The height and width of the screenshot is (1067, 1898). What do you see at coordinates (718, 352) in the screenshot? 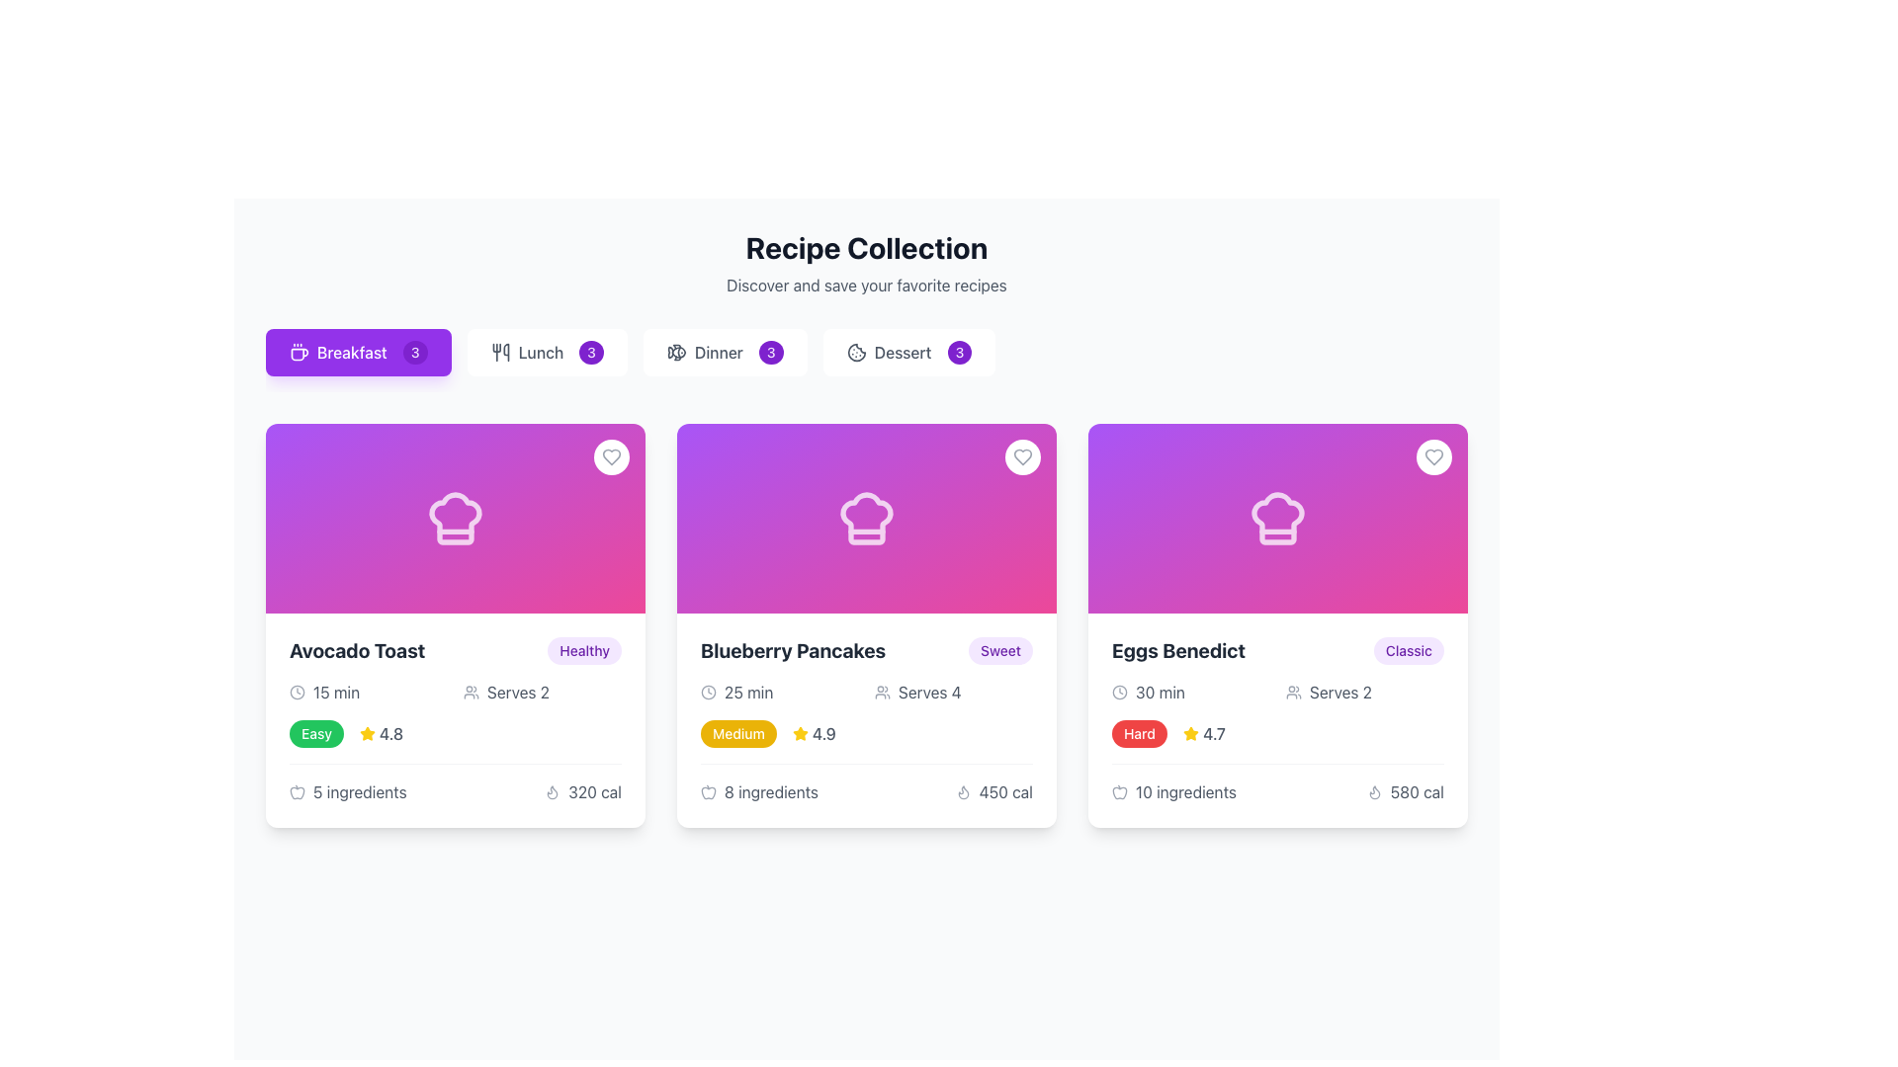
I see `the 'Dinner' text label, which is the third button in the button group located at the top-center of the page, between 'Lunch' and 'Dessert'` at bounding box center [718, 352].